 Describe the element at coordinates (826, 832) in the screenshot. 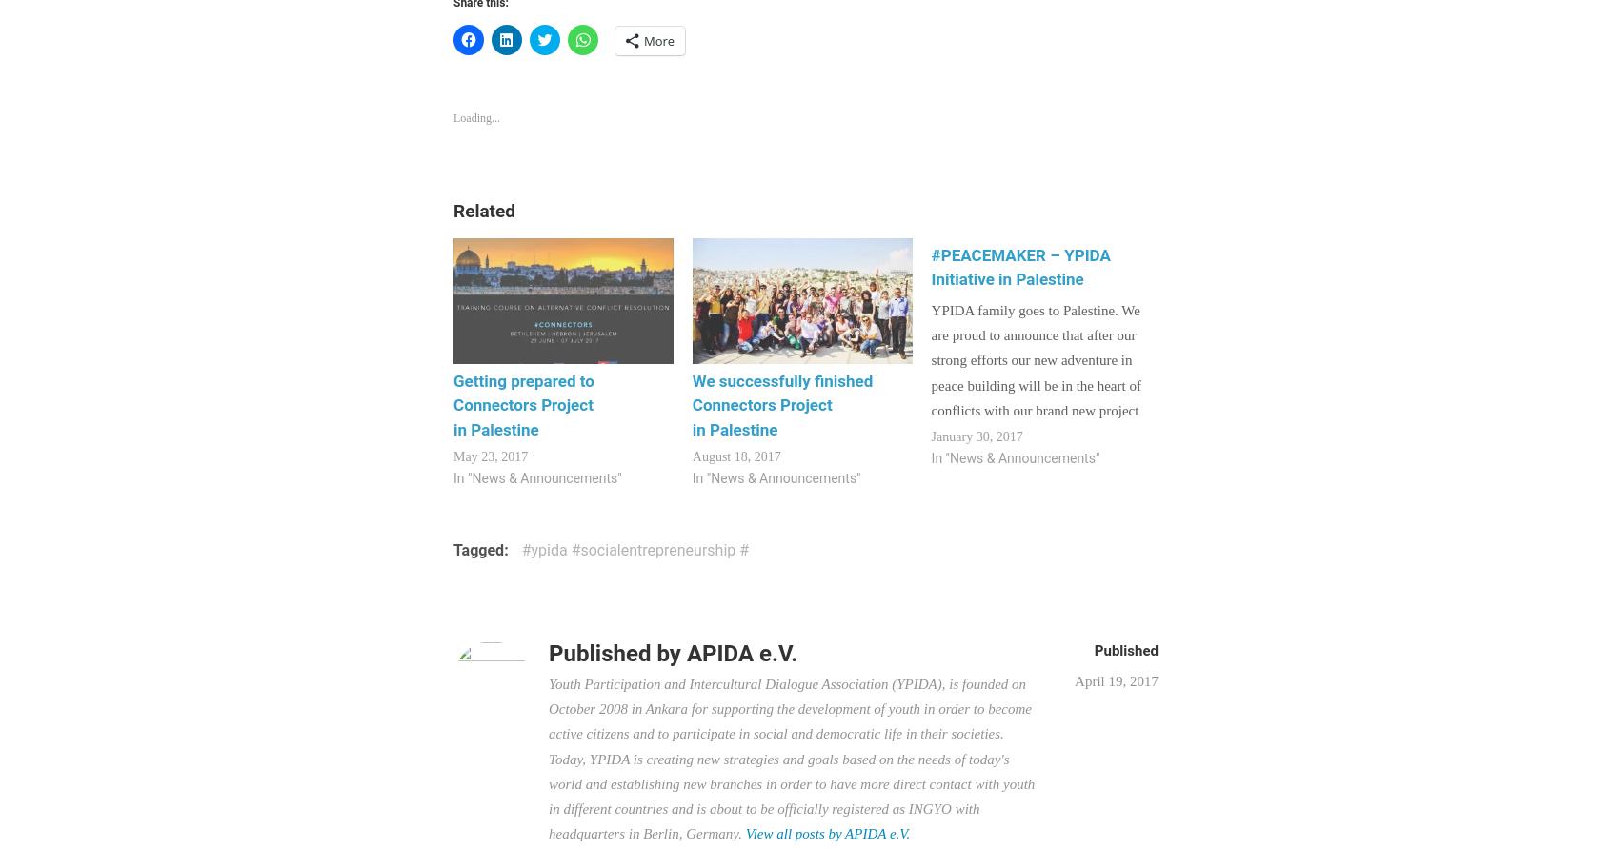

I see `'View all posts by APIDA e.V.'` at that location.